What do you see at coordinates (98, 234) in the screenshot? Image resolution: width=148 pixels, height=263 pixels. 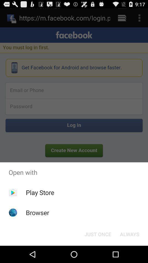 I see `the item next to the always button` at bounding box center [98, 234].